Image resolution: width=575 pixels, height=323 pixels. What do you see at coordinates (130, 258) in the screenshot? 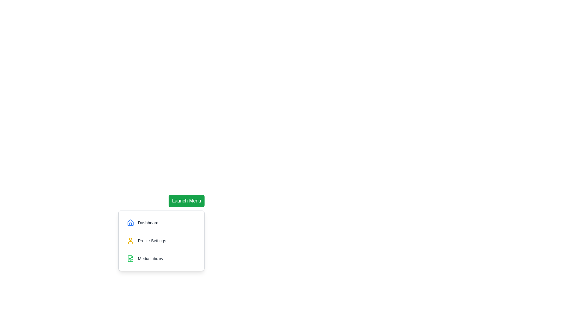
I see `the non-interactive graphical icon representing the 'Media Library' section located in the dropdown menu, adjacent to the 'Media Library' label` at bounding box center [130, 258].